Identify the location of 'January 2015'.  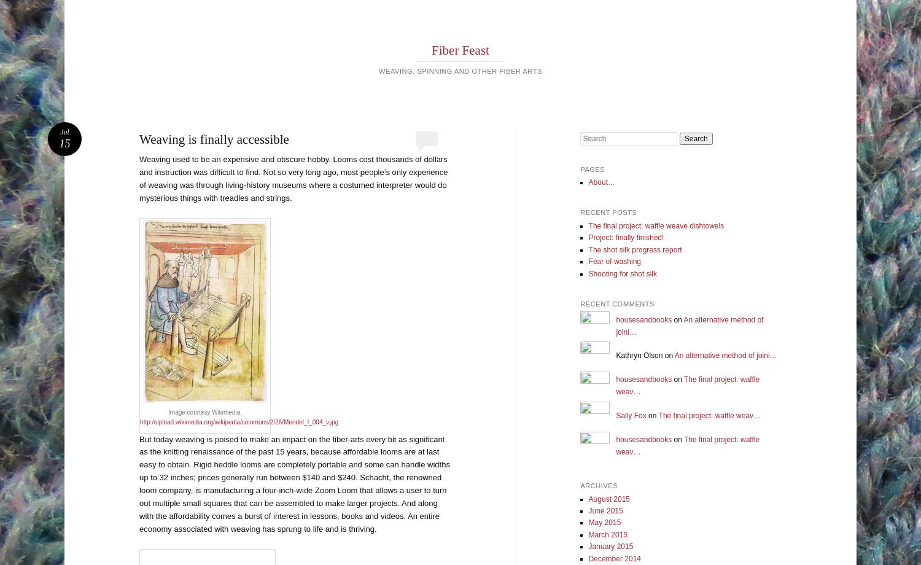
(588, 546).